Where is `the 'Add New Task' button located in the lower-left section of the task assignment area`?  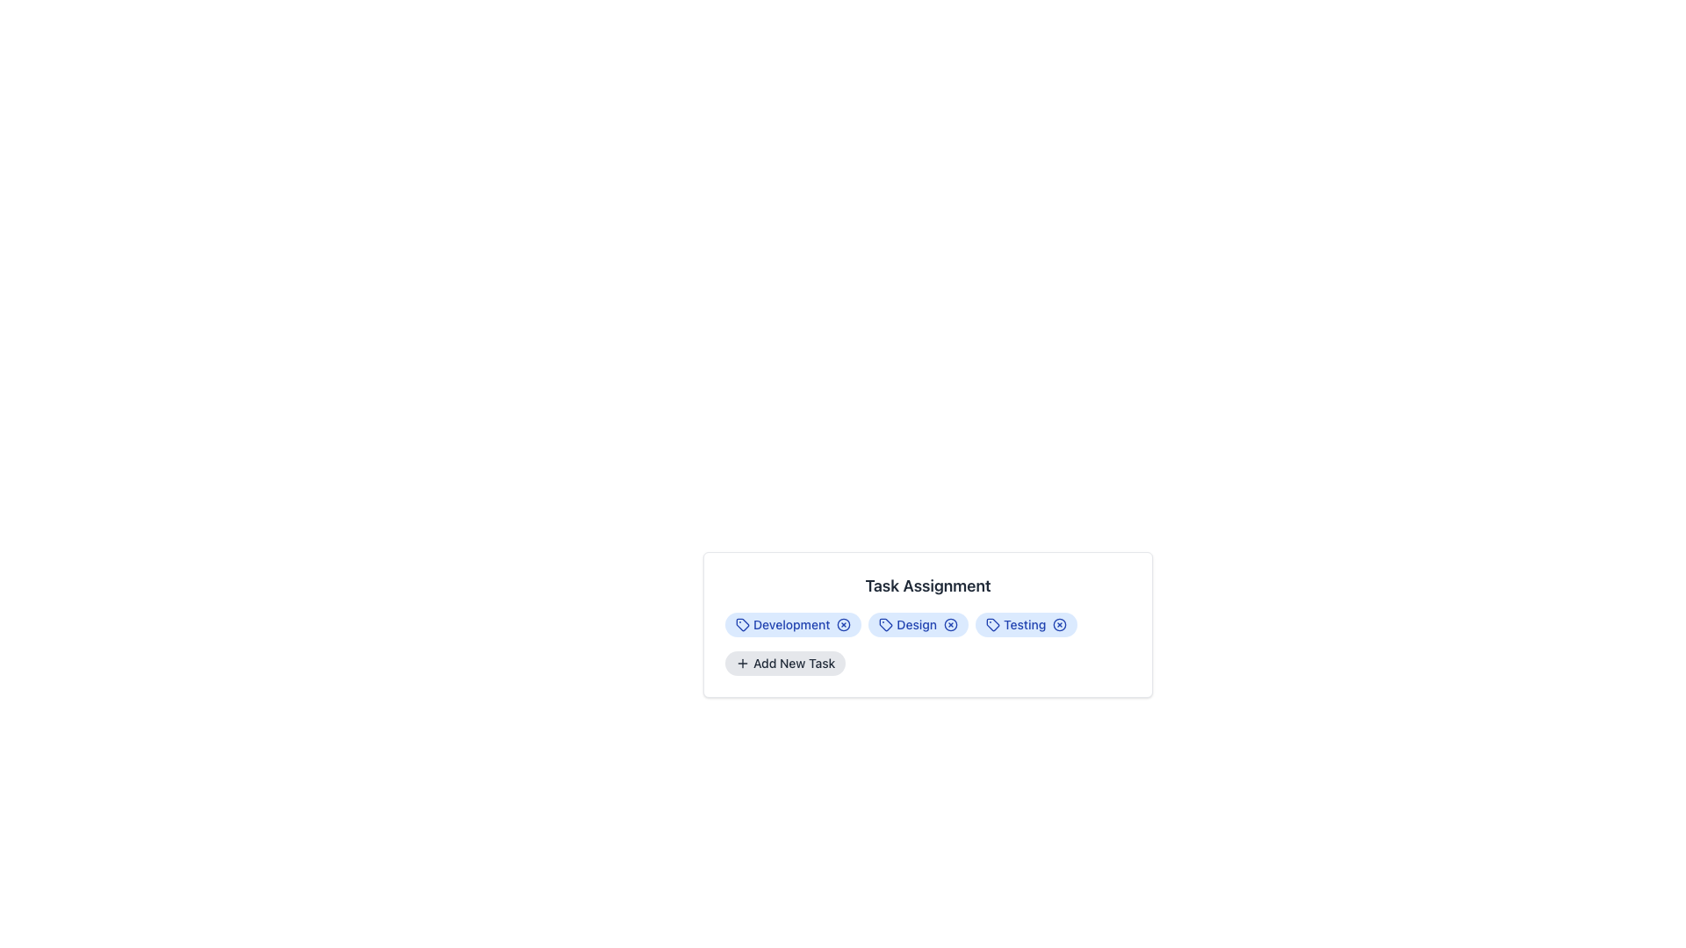
the 'Add New Task' button located in the lower-left section of the task assignment area is located at coordinates (784, 664).